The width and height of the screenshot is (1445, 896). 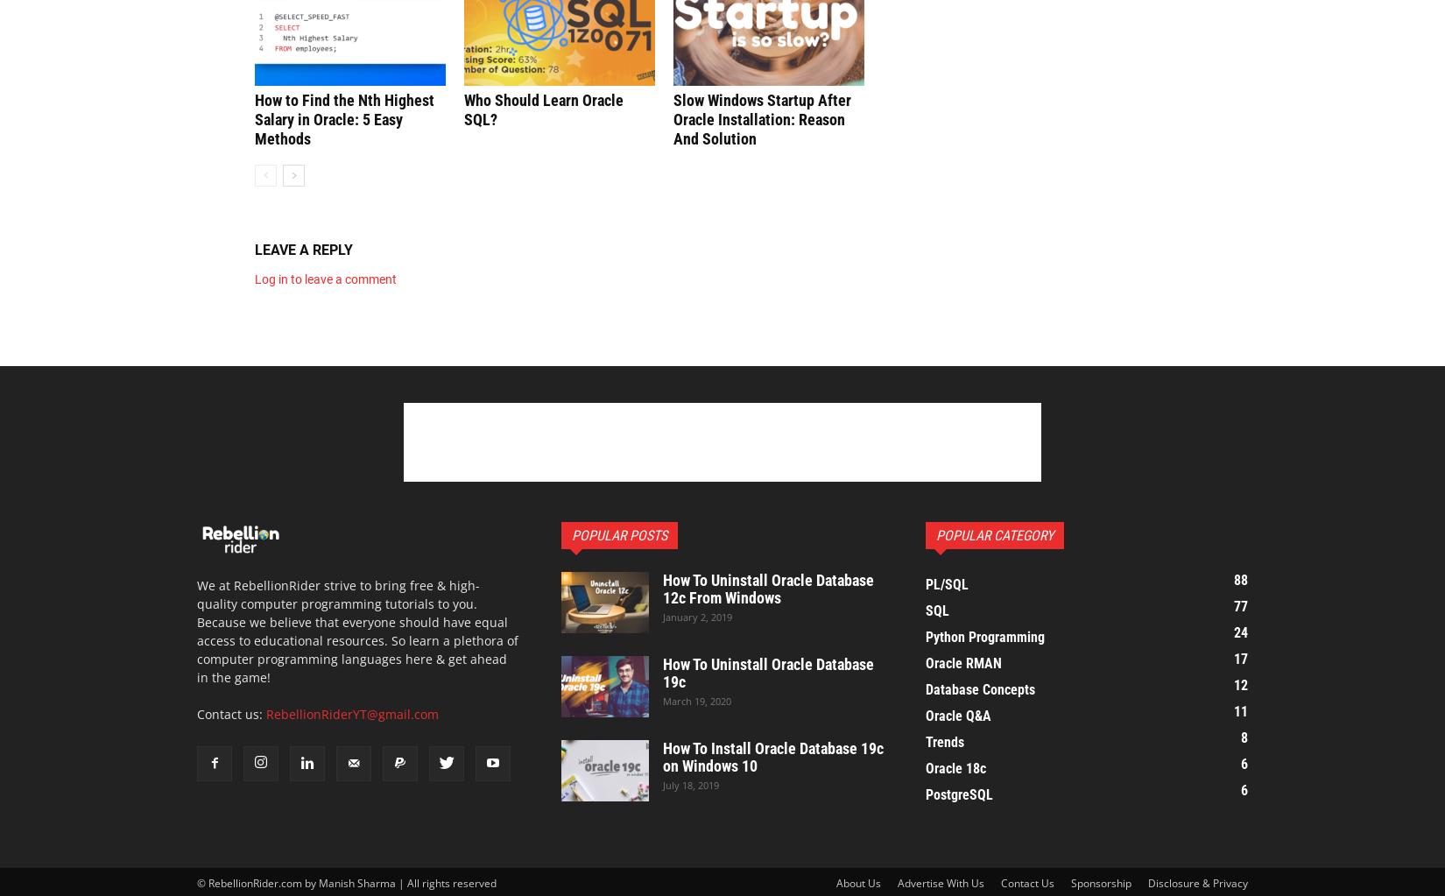 What do you see at coordinates (768, 587) in the screenshot?
I see `'How To Uninstall Oracle Database 12c From Windows'` at bounding box center [768, 587].